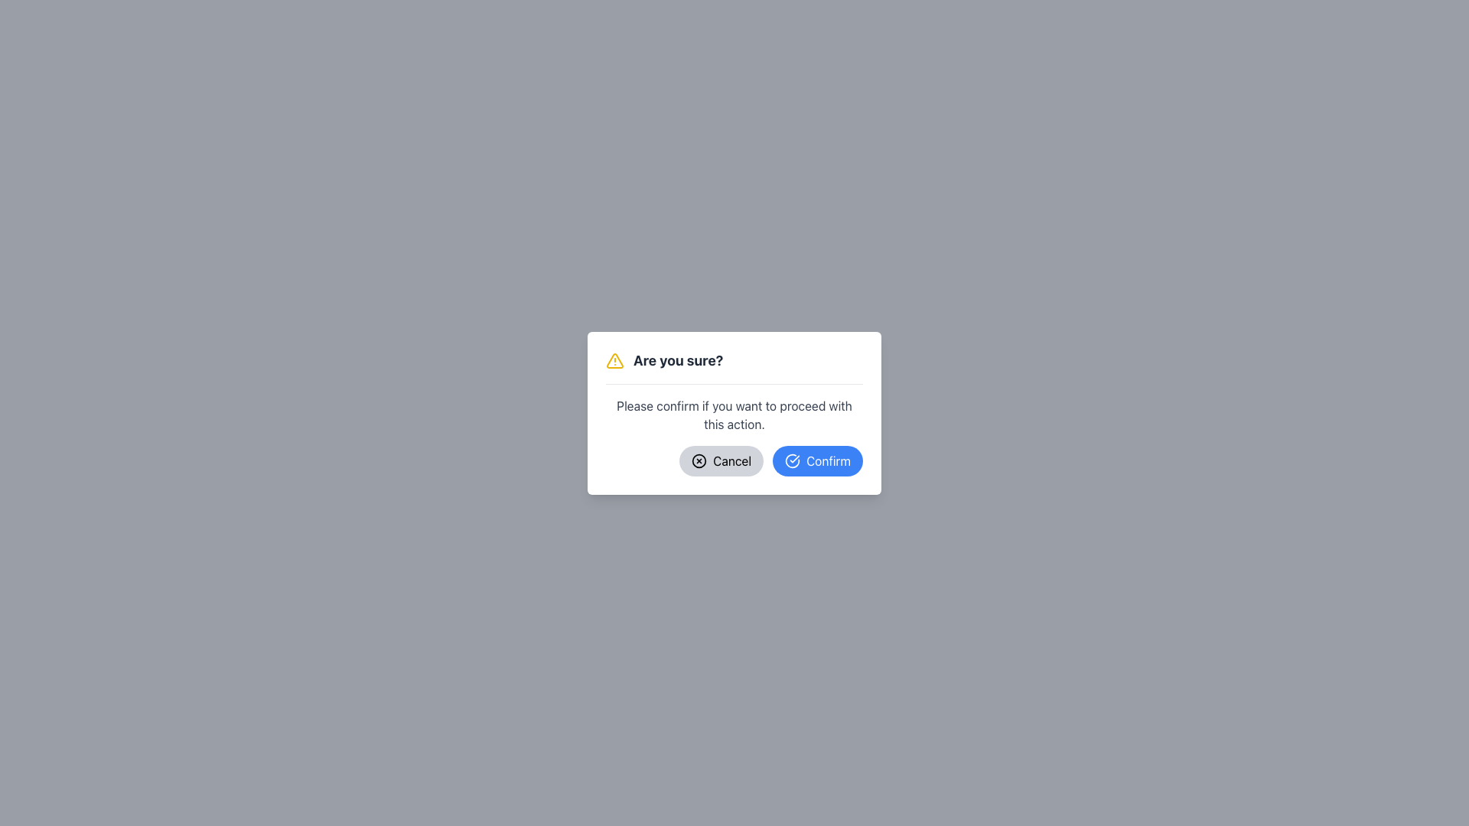 The height and width of the screenshot is (826, 1469). I want to click on the yellow triangular warning icon with a bold red exclamation point, which is prominently placed above the text 'Are you sure?' in the dialog box, so click(614, 360).